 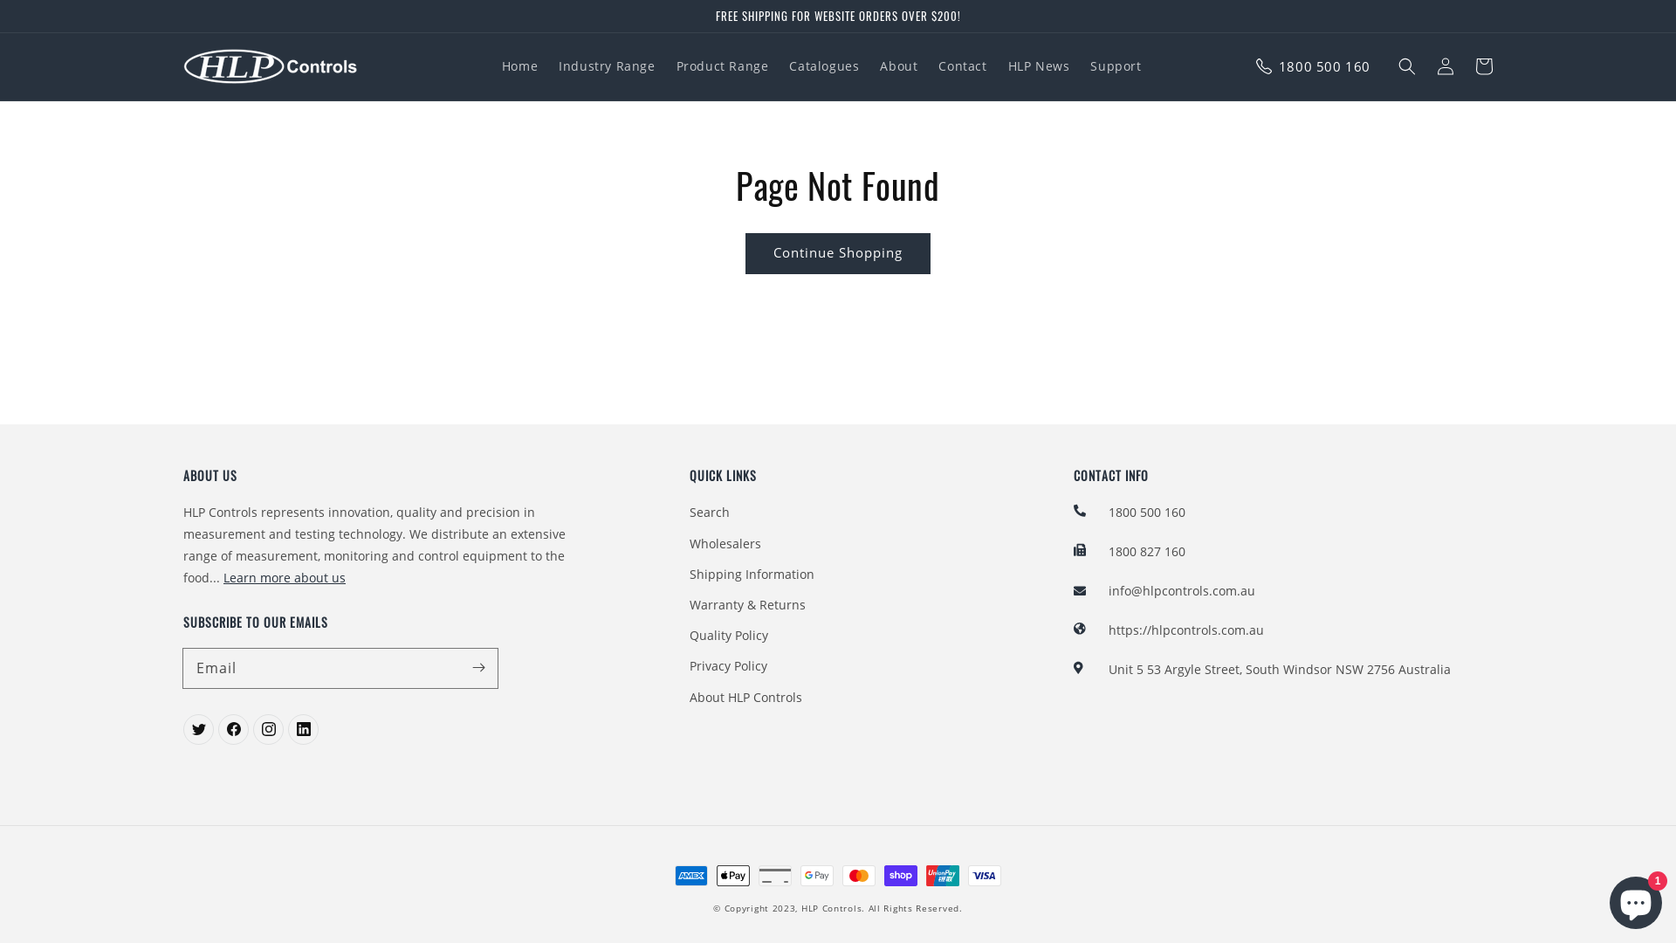 I want to click on 'Home', so click(x=519, y=65).